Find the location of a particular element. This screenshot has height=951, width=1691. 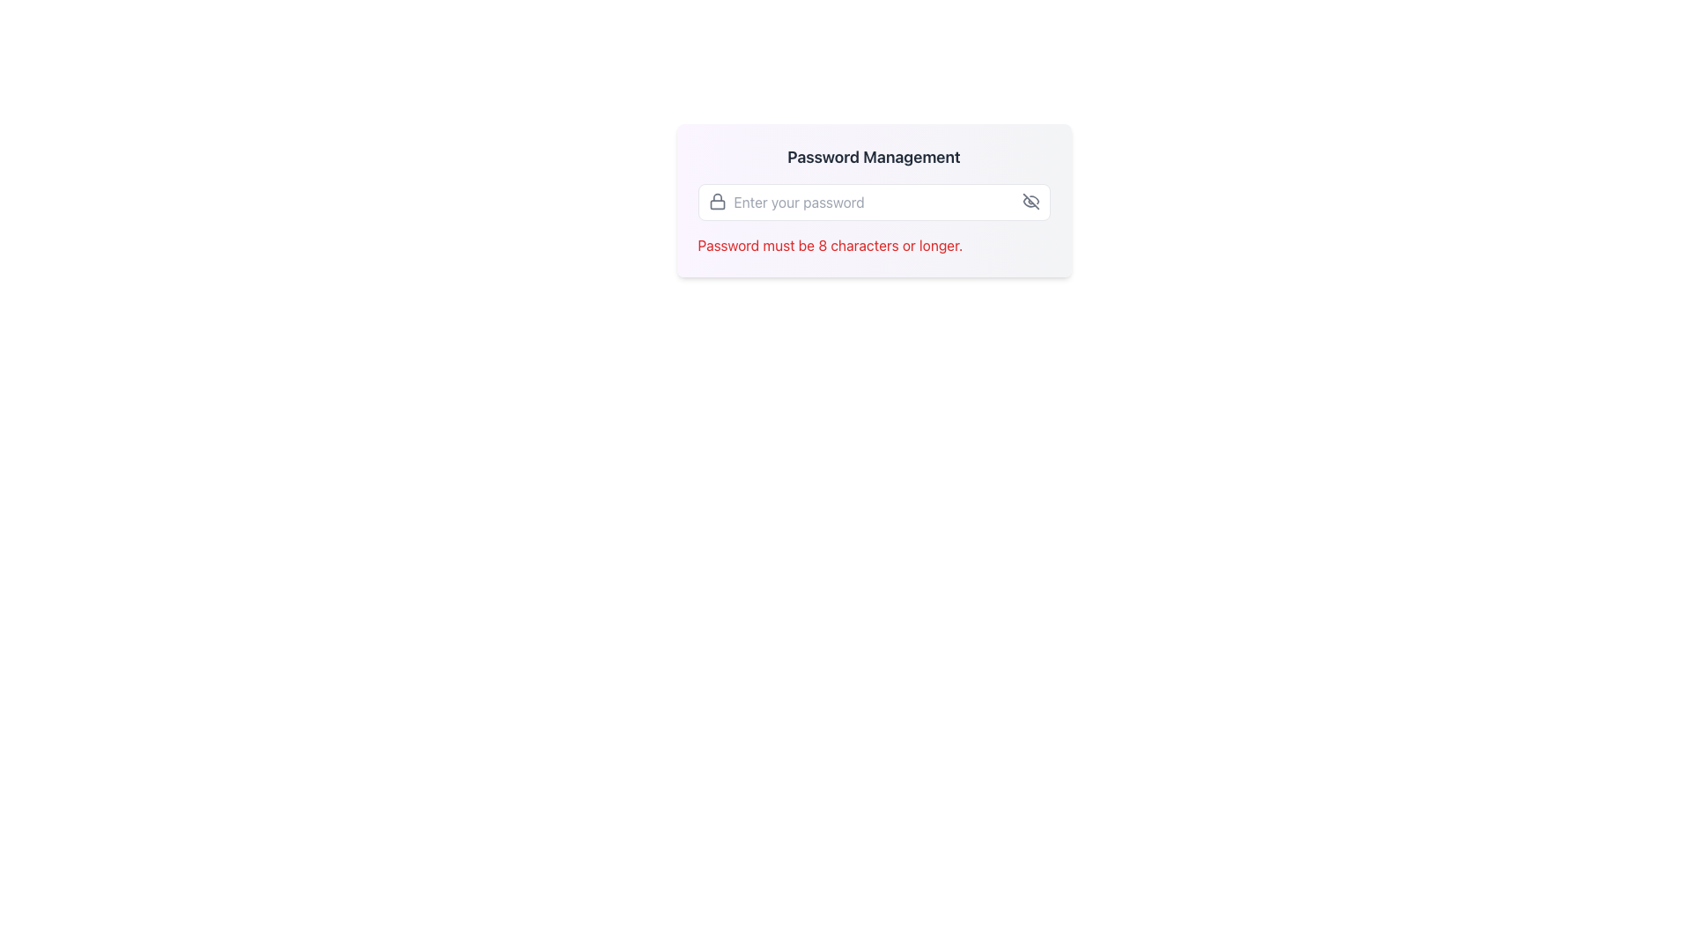

the visibility toggle button, which is a small eye icon with a strike-through located at the far right of the password input field is located at coordinates (1030, 200).